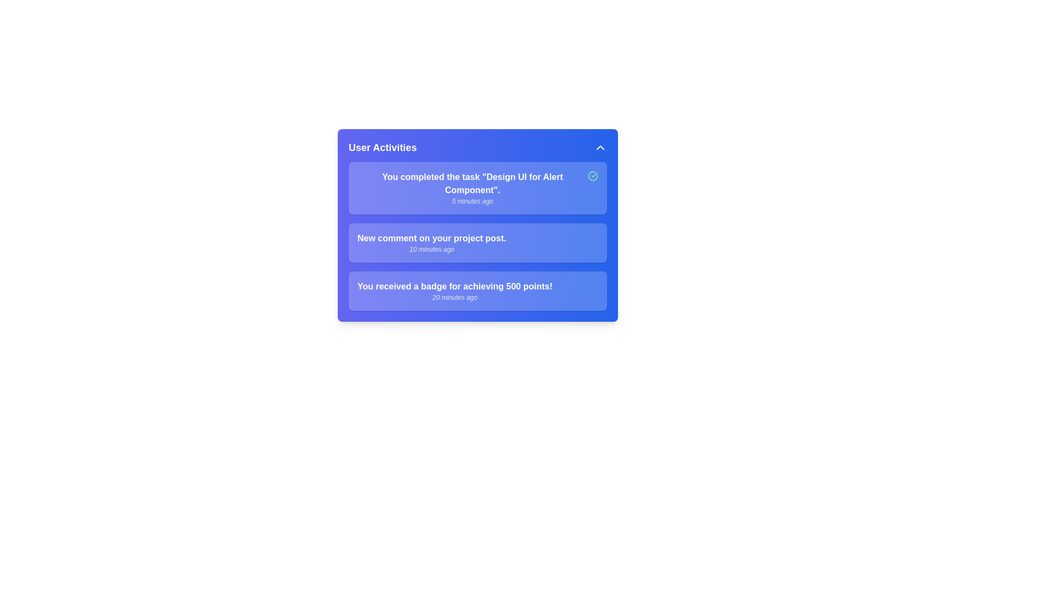 Image resolution: width=1051 pixels, height=591 pixels. I want to click on the text label that reads '5 minutes ago', styled in a small, italicized gray font, located below the task completion heading in the 'User Activities' section, so click(472, 201).